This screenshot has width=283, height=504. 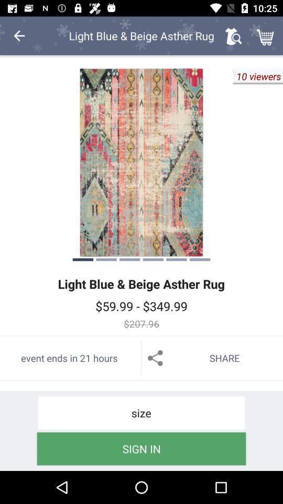 I want to click on the image, so click(x=141, y=162).